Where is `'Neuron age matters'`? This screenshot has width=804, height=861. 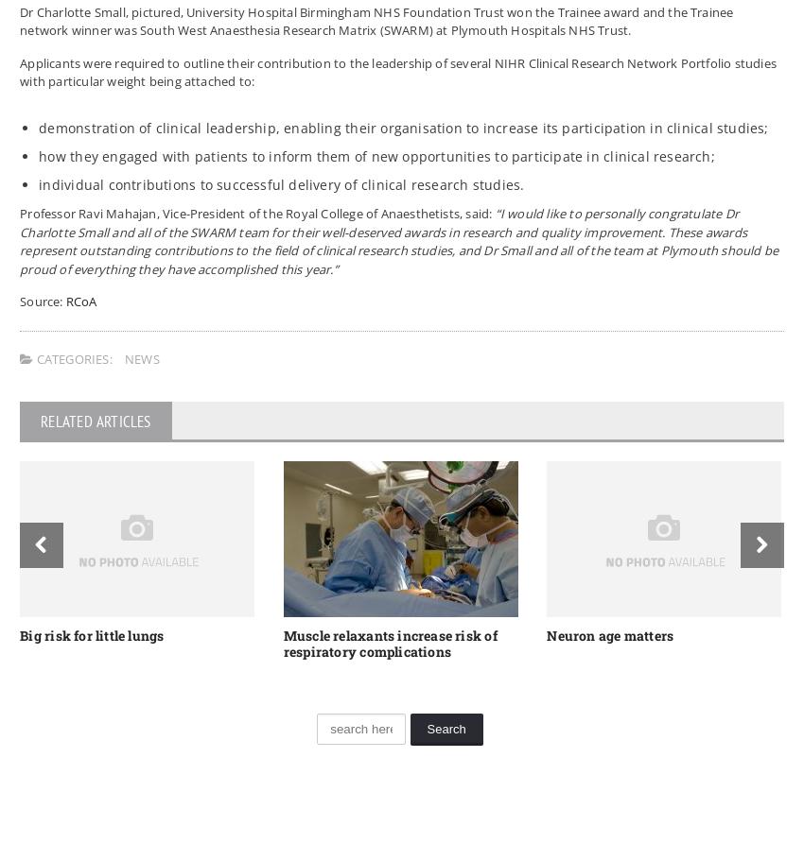 'Neuron age matters' is located at coordinates (609, 633).